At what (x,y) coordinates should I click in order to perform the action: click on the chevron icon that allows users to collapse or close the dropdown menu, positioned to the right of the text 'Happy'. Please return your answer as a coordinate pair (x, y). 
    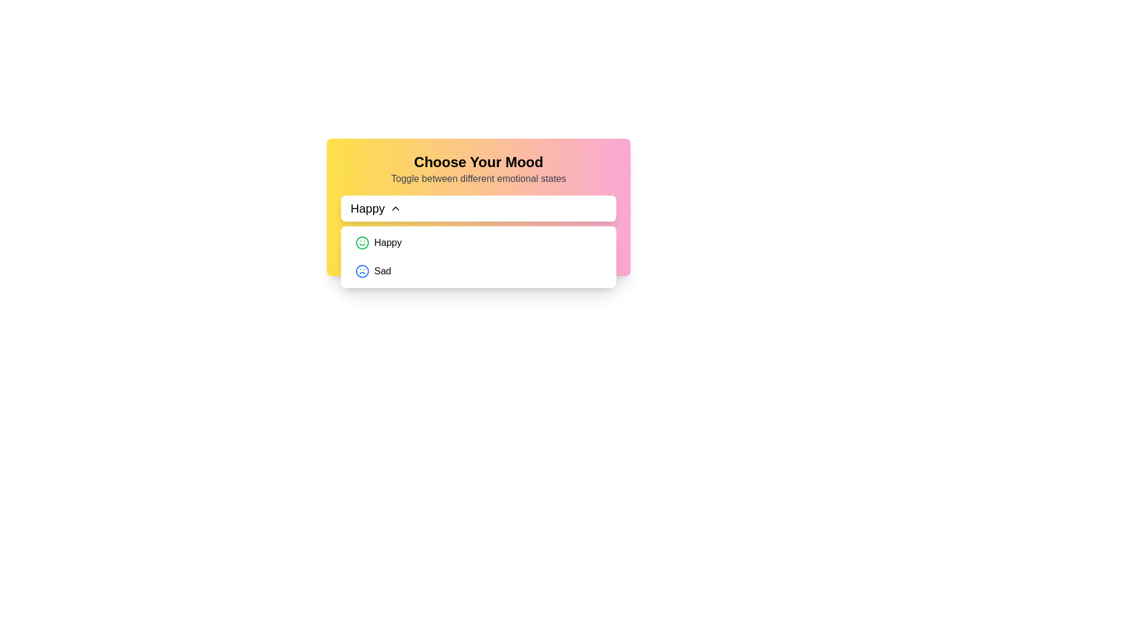
    Looking at the image, I should click on (395, 207).